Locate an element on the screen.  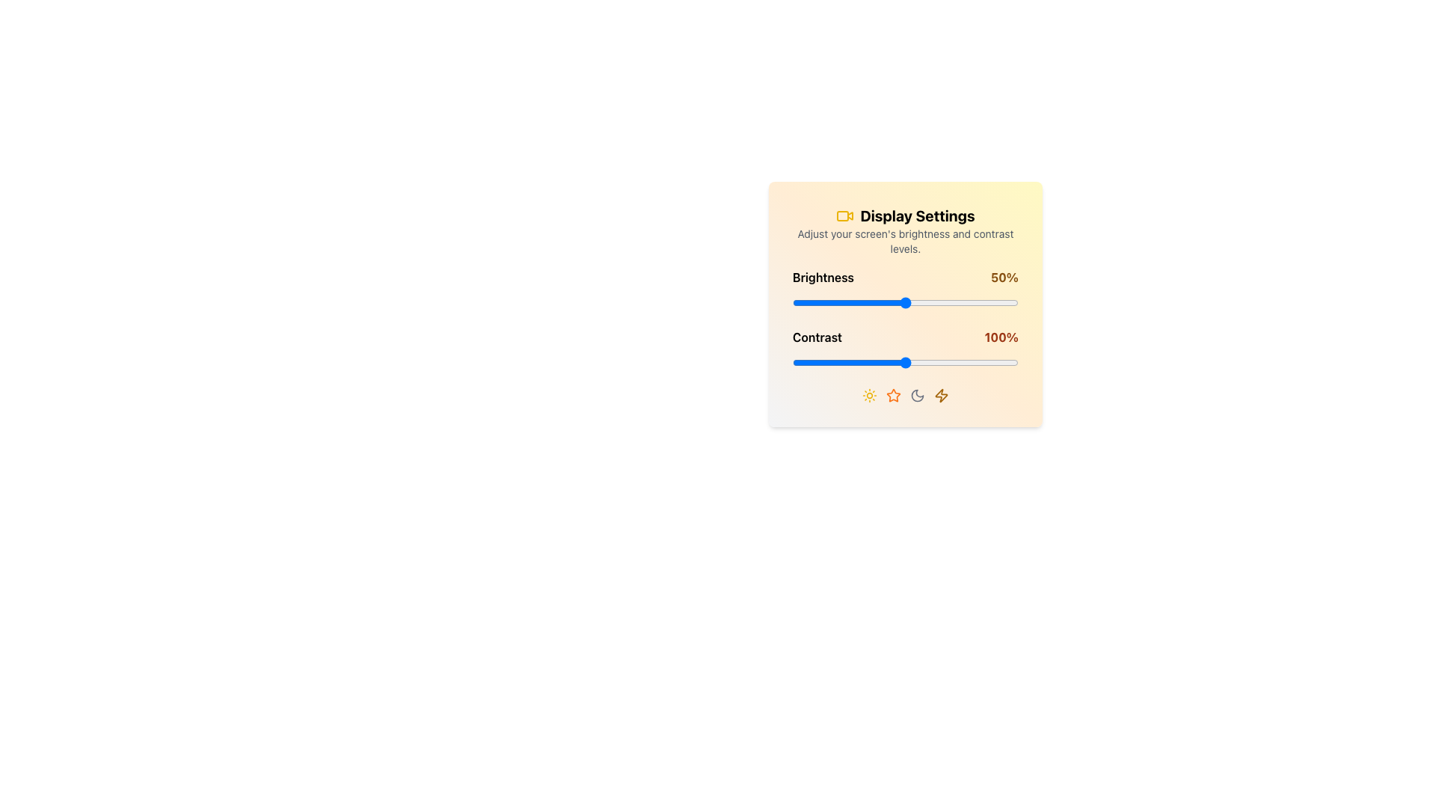
the 'Brightness' label which displays '50%' in bold yellow font, located in the 'Display Settings' panel above the slider bar is located at coordinates (904, 277).